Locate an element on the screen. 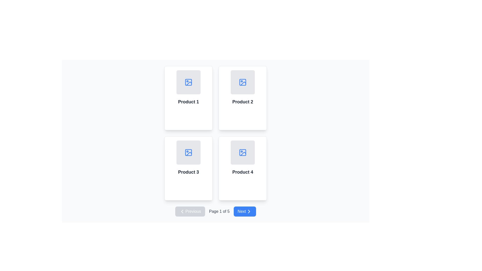 This screenshot has height=271, width=482. the central icon within the 'Product 3' card, which is located in the bottom-left quadrant of the grid layout is located at coordinates (188, 152).